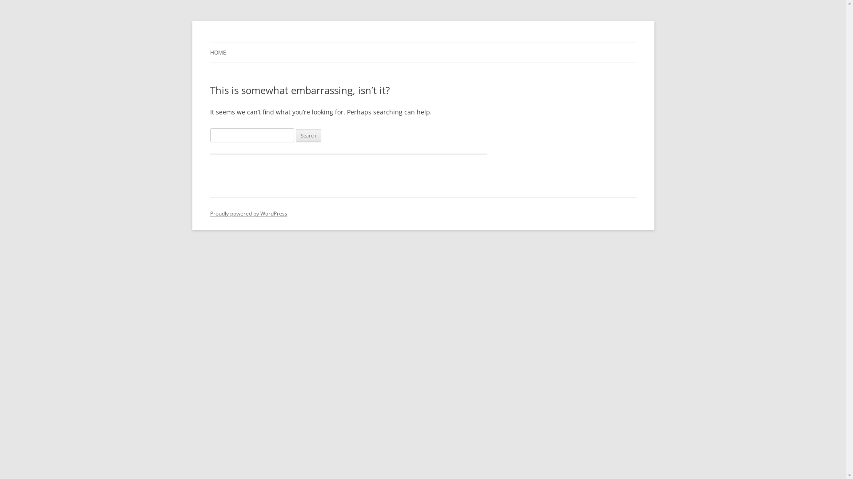 The height and width of the screenshot is (479, 853). What do you see at coordinates (217, 53) in the screenshot?
I see `'HOME'` at bounding box center [217, 53].